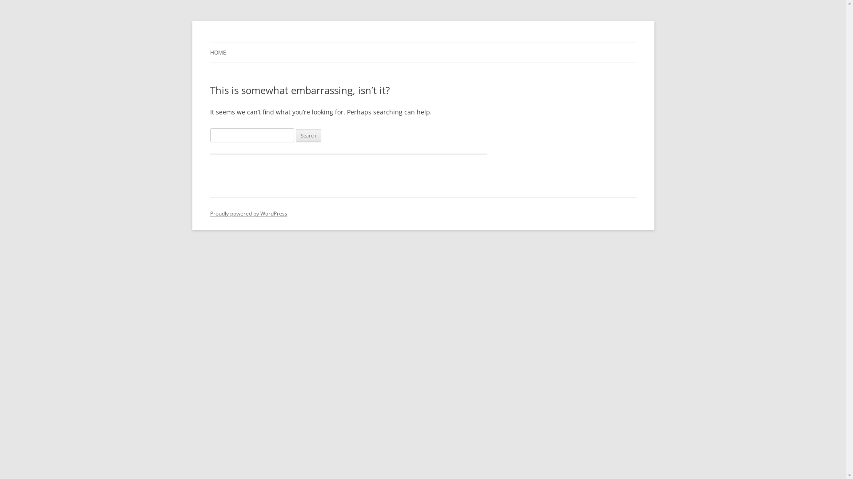 The height and width of the screenshot is (479, 853). What do you see at coordinates (217, 53) in the screenshot?
I see `'HOME'` at bounding box center [217, 53].